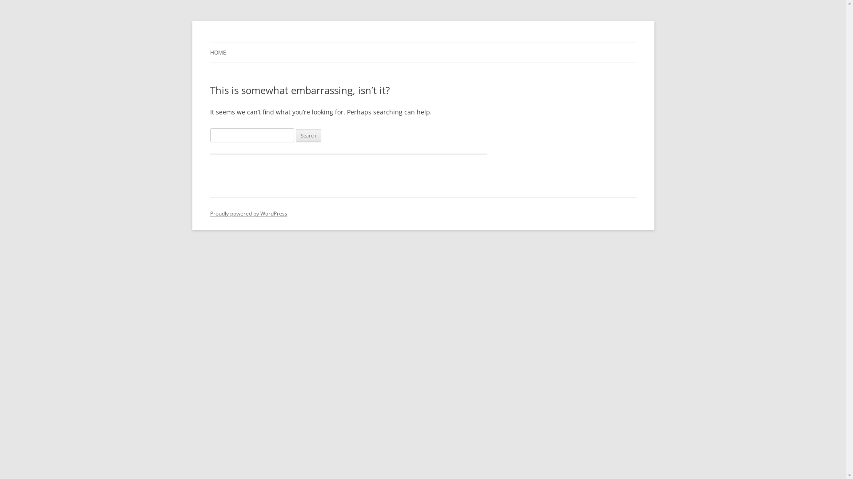 The height and width of the screenshot is (479, 853). What do you see at coordinates (217, 53) in the screenshot?
I see `'HOME'` at bounding box center [217, 53].